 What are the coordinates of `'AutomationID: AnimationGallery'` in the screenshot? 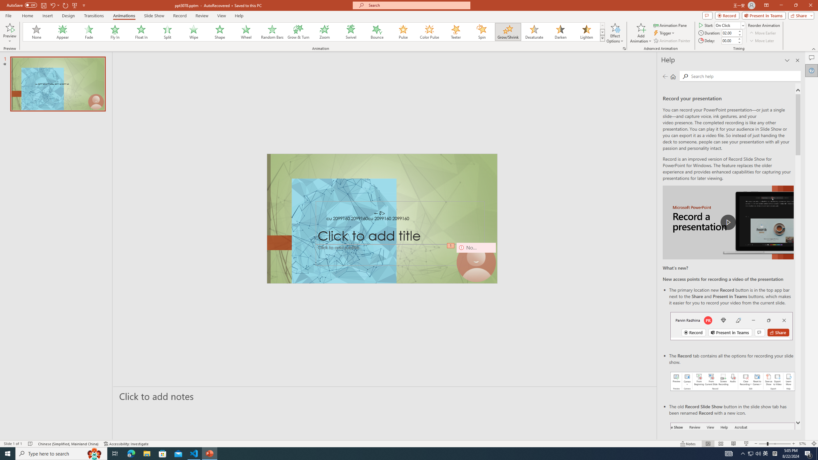 It's located at (314, 32).